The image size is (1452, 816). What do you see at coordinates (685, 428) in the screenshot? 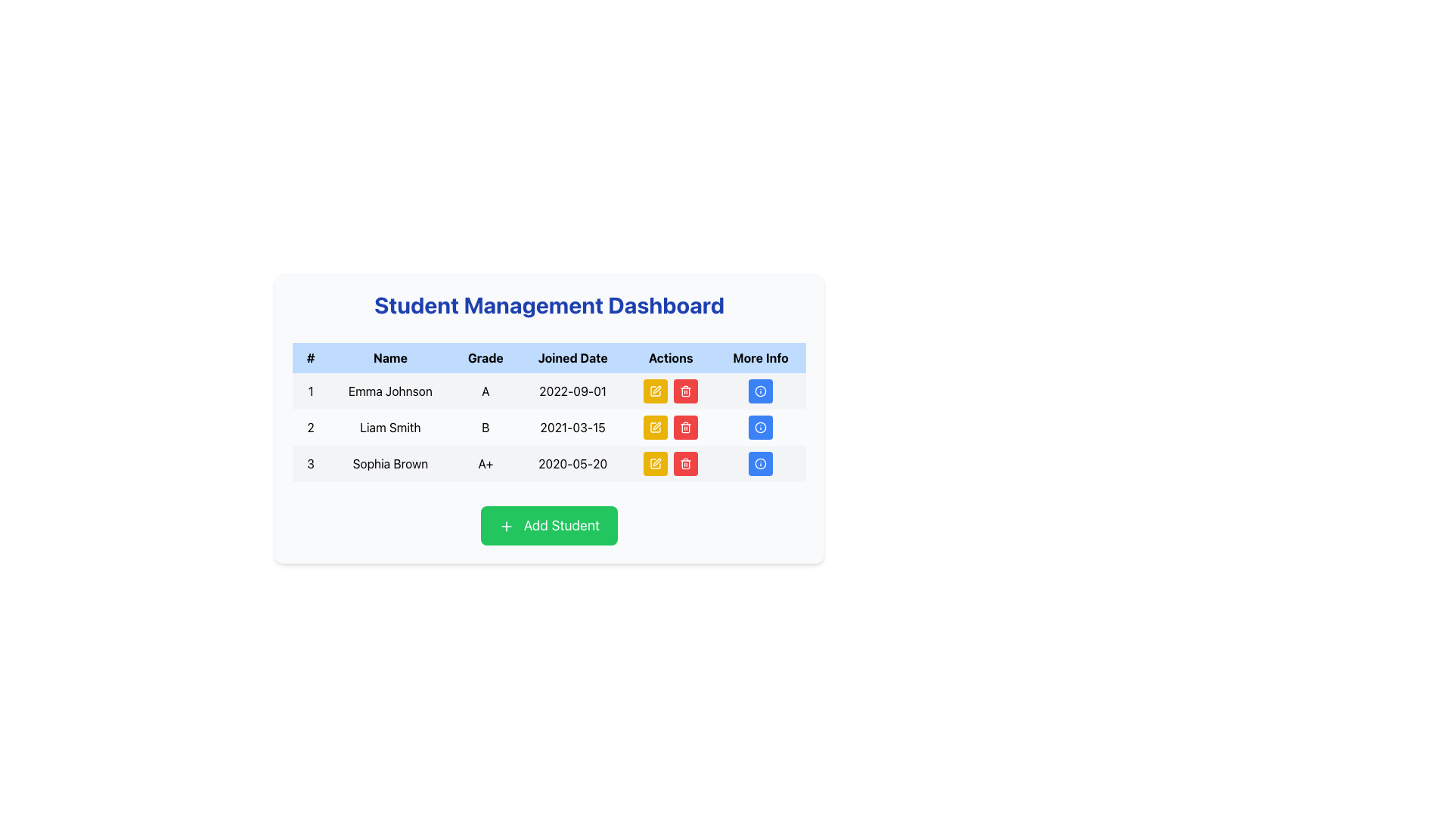
I see `the trash can icon representing 'Liam Smith' in the Actions column of the table` at bounding box center [685, 428].